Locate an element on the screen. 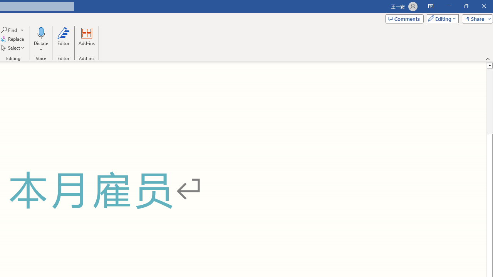  'More Options' is located at coordinates (40, 47).